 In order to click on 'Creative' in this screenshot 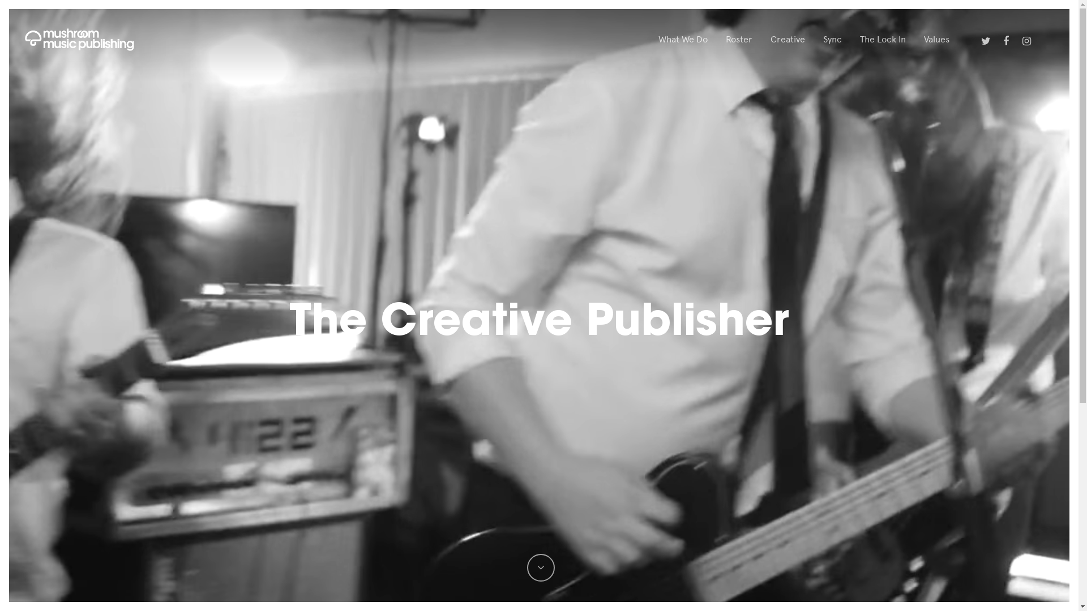, I will do `click(787, 38)`.